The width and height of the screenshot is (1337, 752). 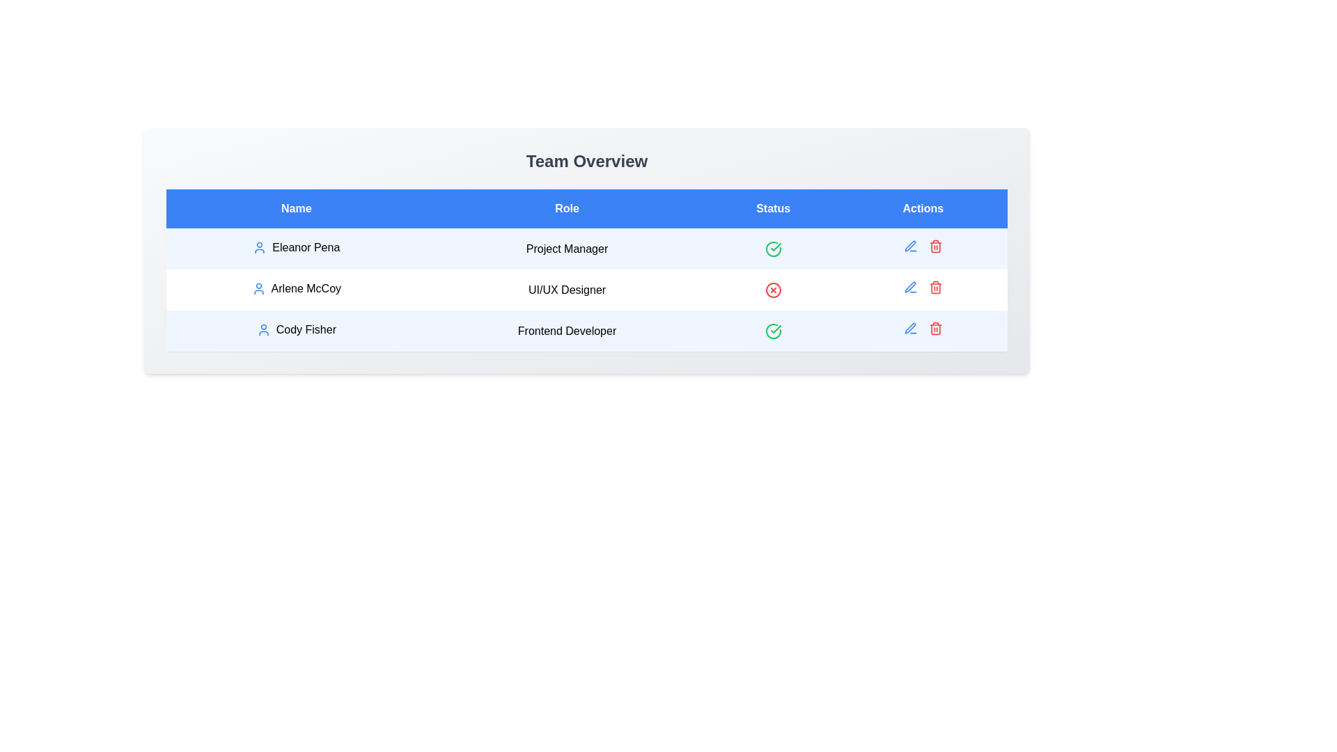 What do you see at coordinates (295, 246) in the screenshot?
I see `the static text display with an icon representing the first entry in the 'Name' column of the table` at bounding box center [295, 246].